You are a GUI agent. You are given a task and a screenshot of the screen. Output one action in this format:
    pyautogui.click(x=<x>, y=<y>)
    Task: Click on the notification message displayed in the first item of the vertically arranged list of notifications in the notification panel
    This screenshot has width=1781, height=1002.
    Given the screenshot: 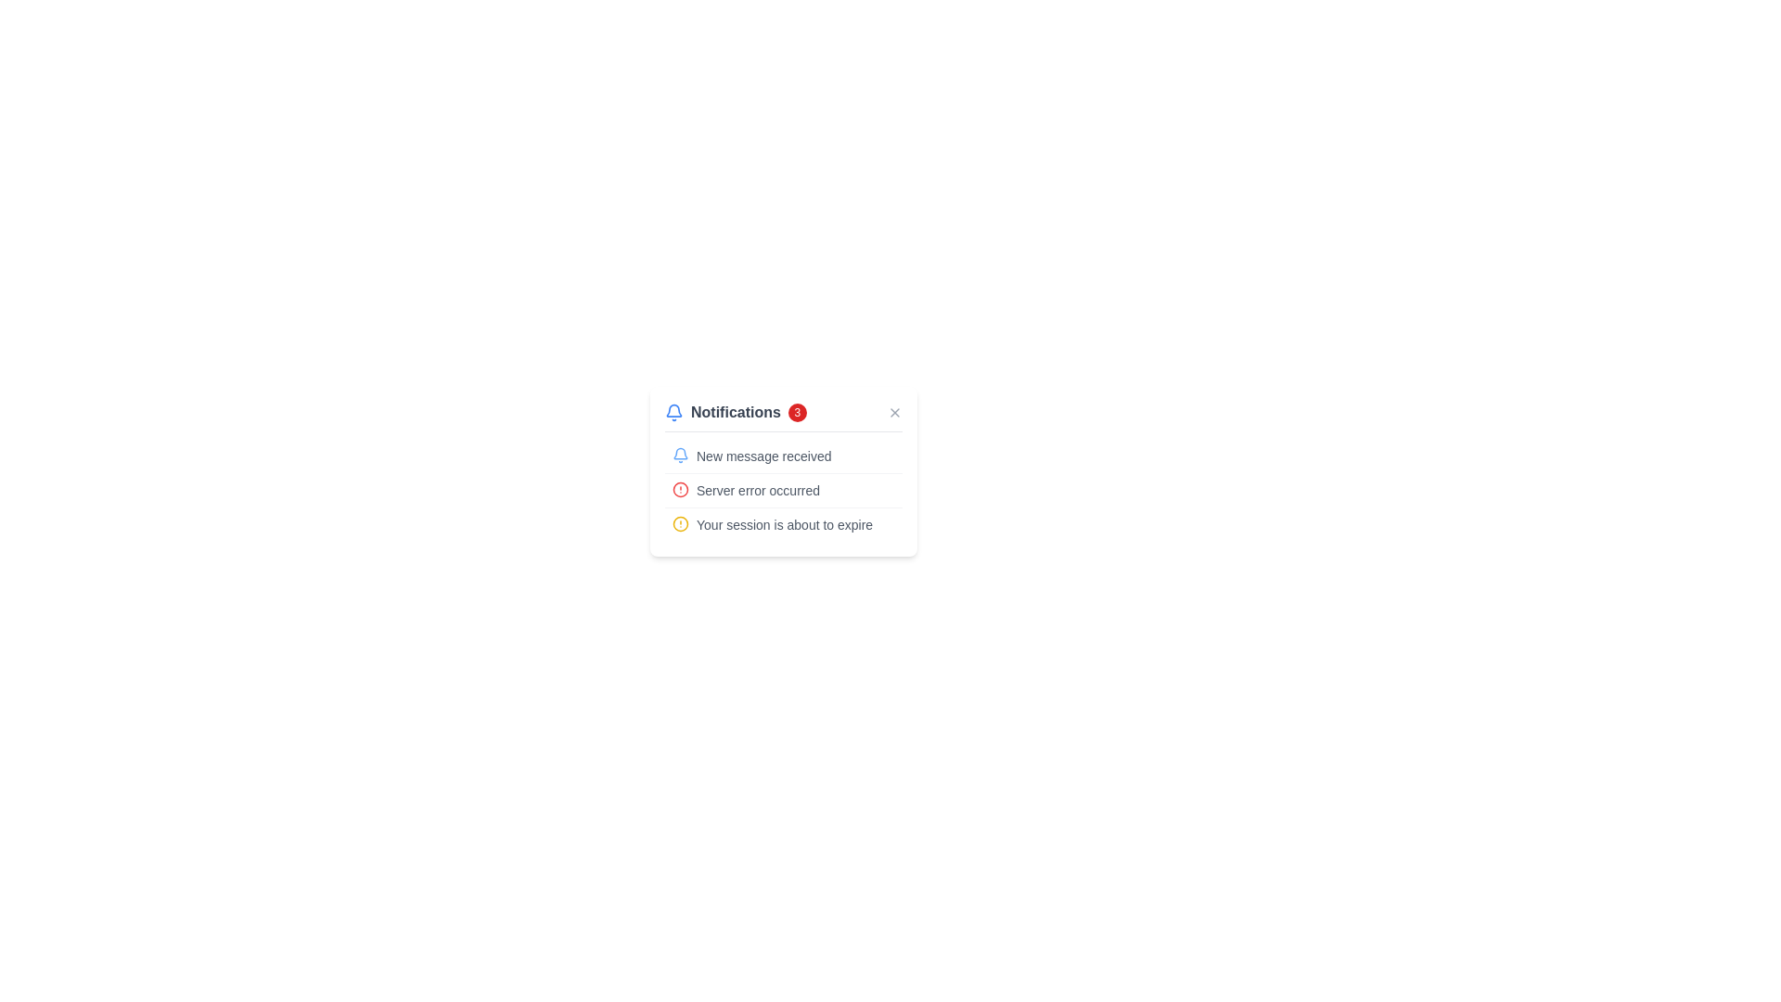 What is the action you would take?
    pyautogui.click(x=783, y=456)
    